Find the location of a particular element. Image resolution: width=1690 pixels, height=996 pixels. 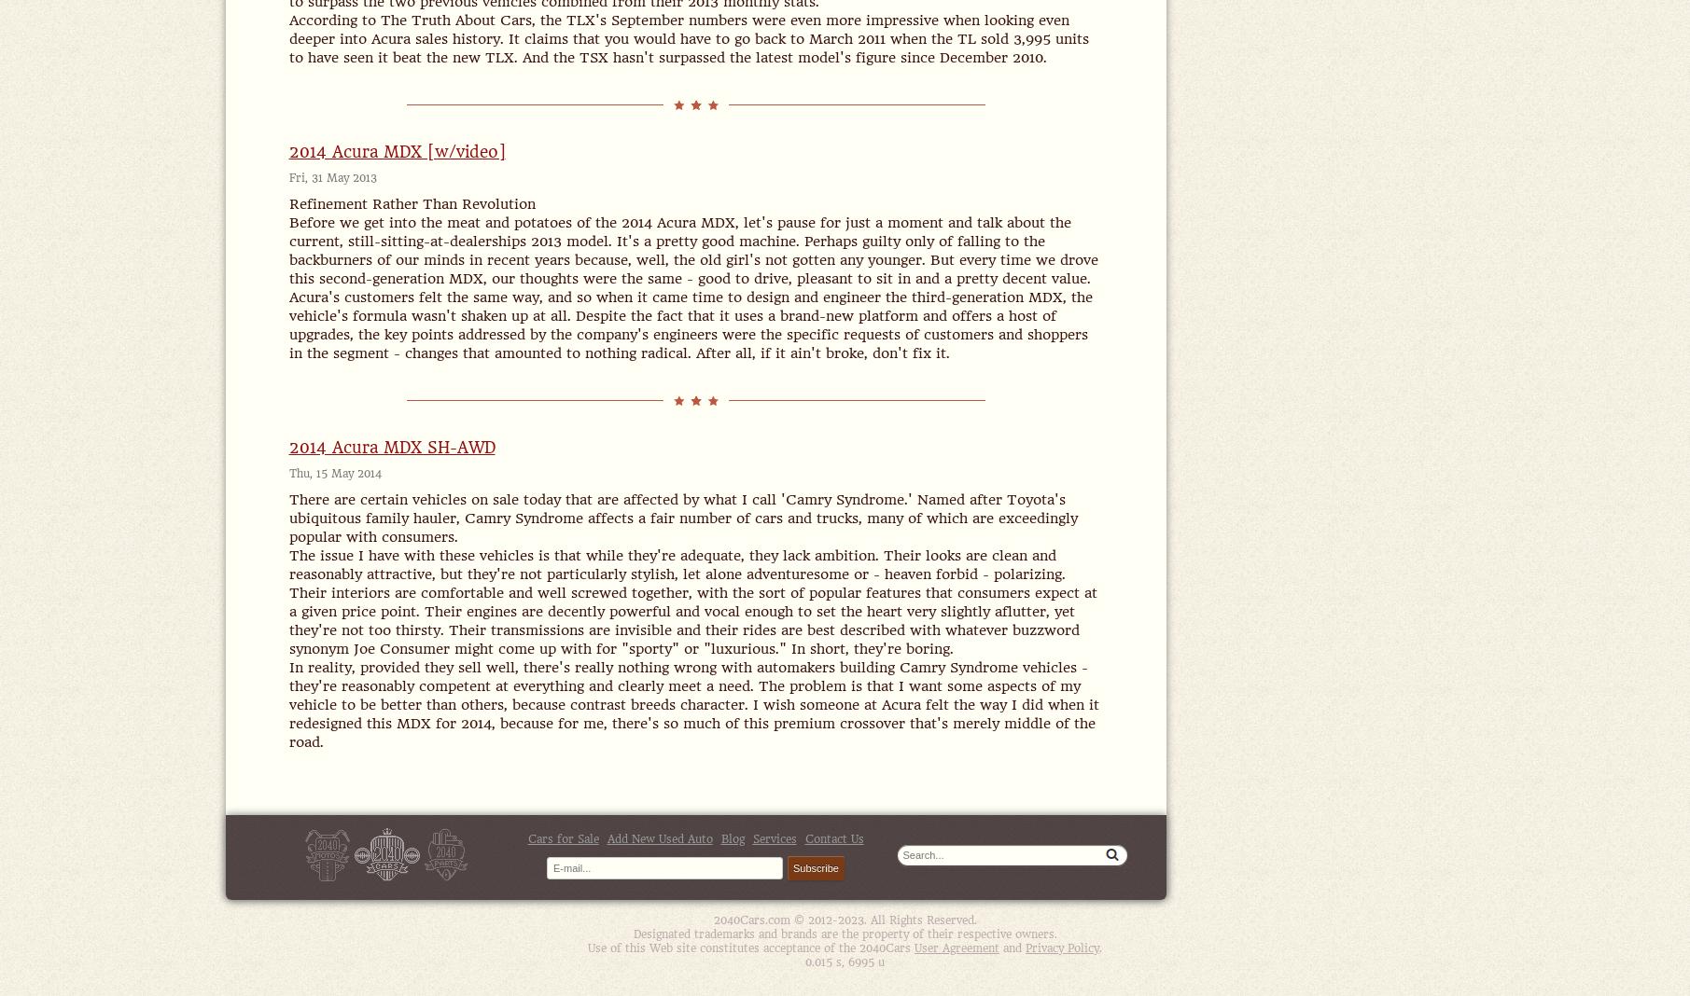

'Refinement Rather Than Revolution' is located at coordinates (411, 204).